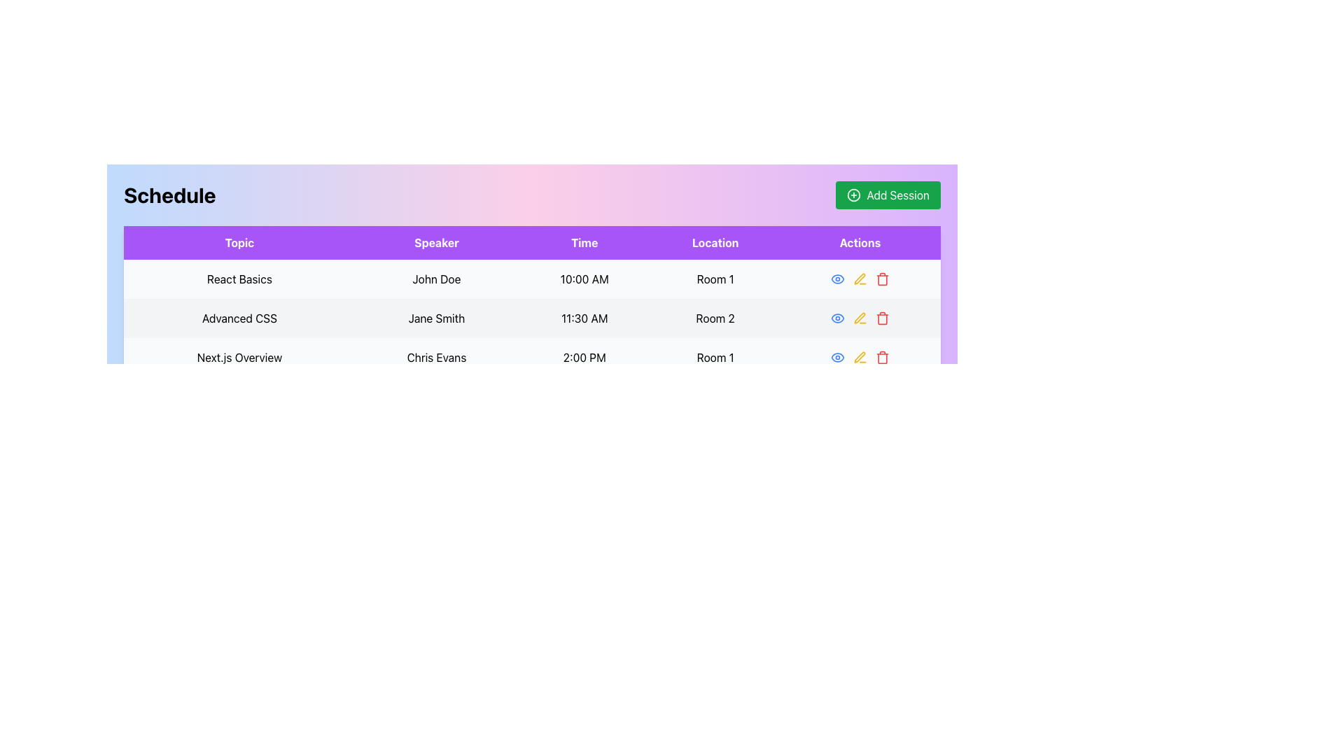 This screenshot has height=756, width=1344. I want to click on the yellow pen icon in the 'Actions' column of the table, corresponding to the second row for the 'Advanced CSS' topic, so click(859, 279).